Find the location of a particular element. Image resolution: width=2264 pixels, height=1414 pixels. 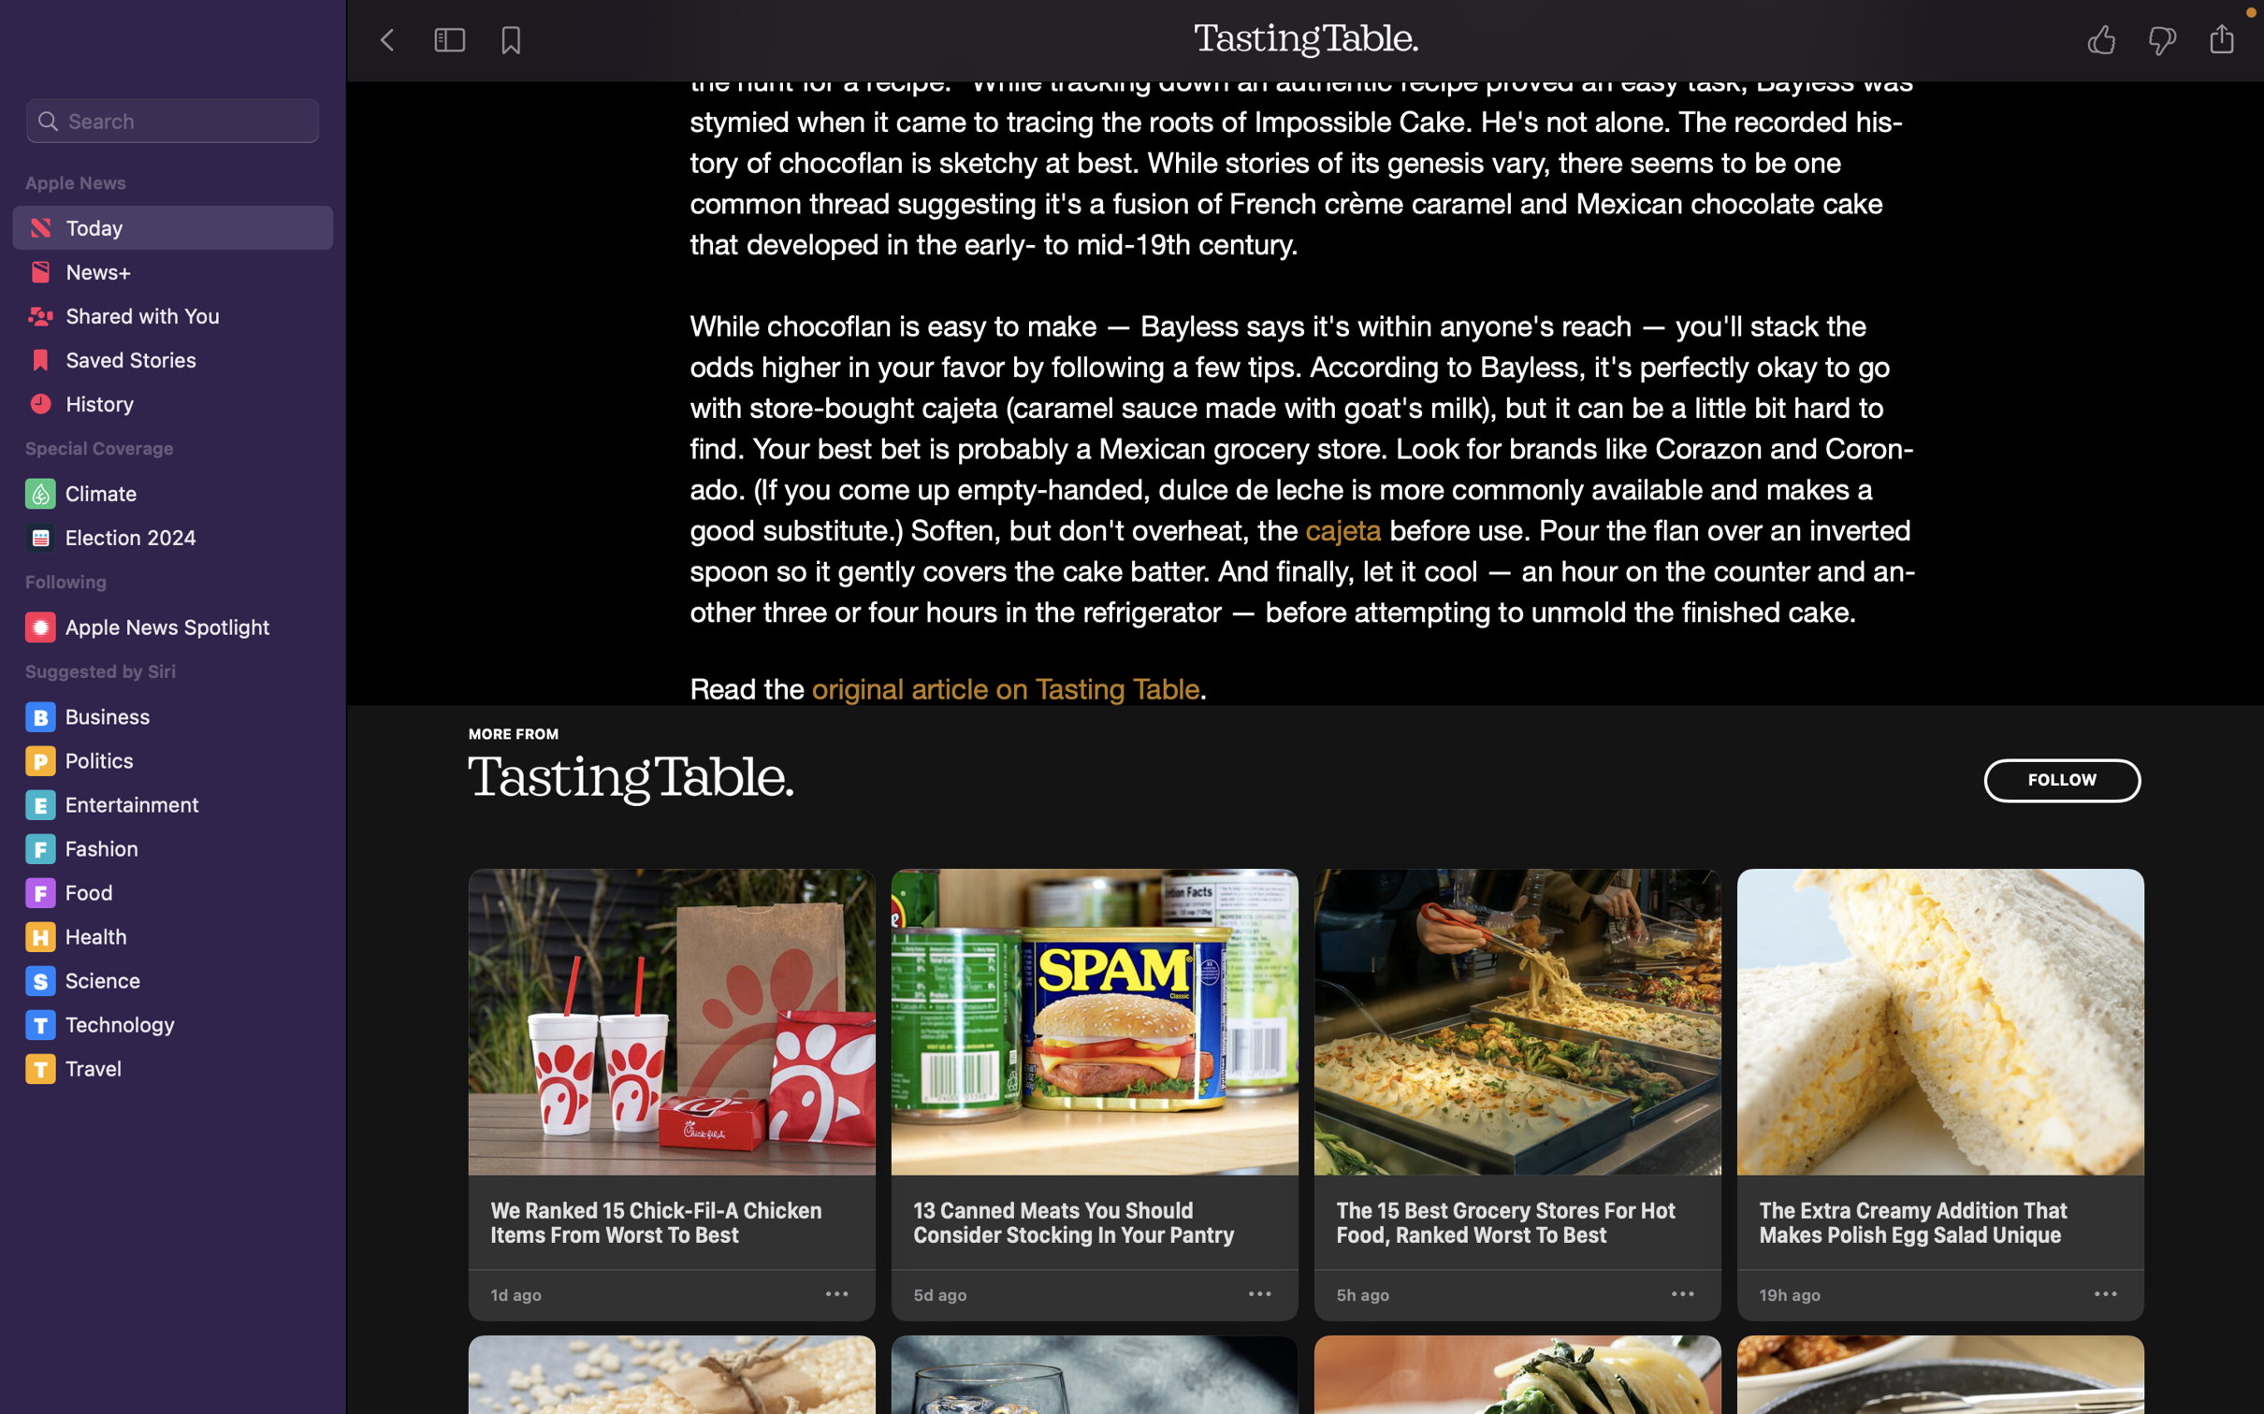

Click "suggest less" in the options from the third story in Tasting Table is located at coordinates (1681, 1294).